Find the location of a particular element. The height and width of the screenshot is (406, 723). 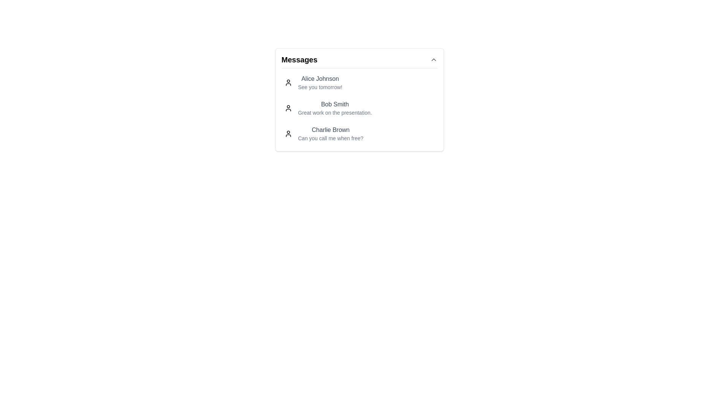

the user profile icon representing 'Alice Johnson' located on the topmost row, aligned to the left of the text 'Alice Johnson' and 'See you tomorrow!' is located at coordinates (288, 82).